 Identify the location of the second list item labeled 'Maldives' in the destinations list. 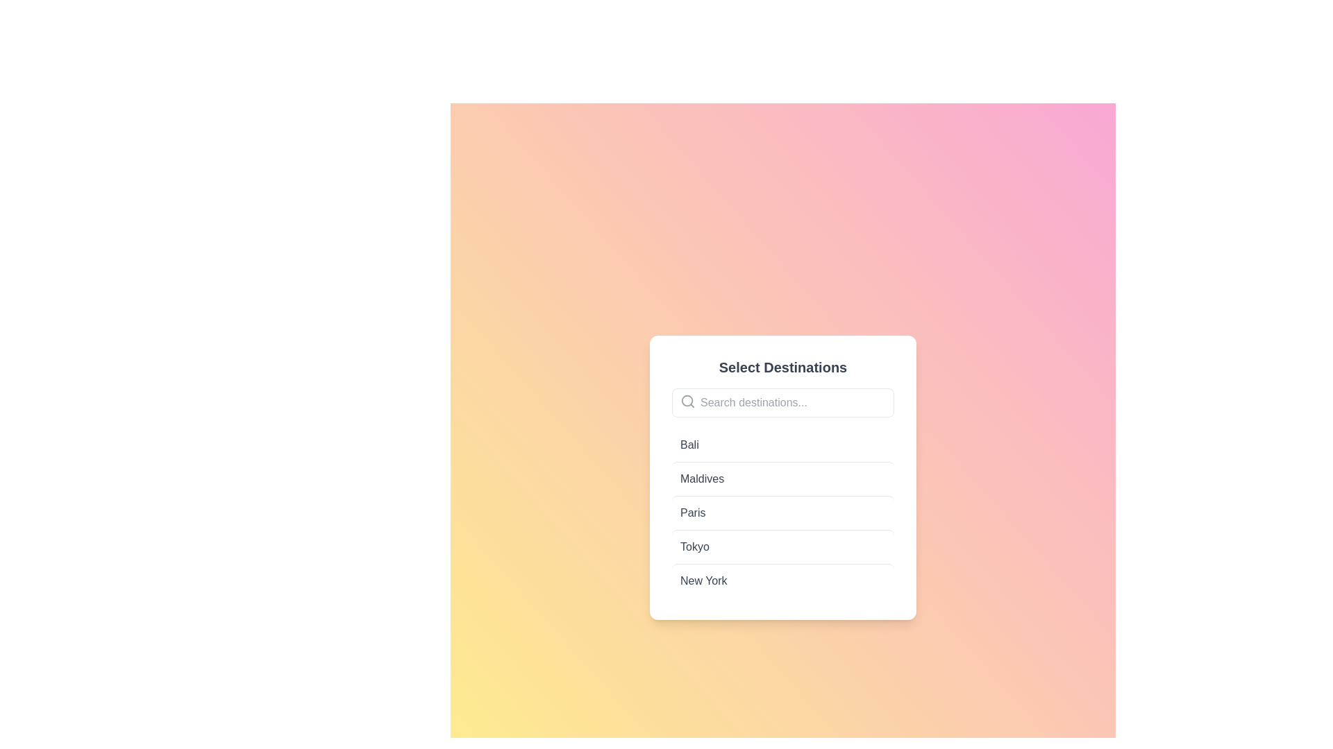
(783, 478).